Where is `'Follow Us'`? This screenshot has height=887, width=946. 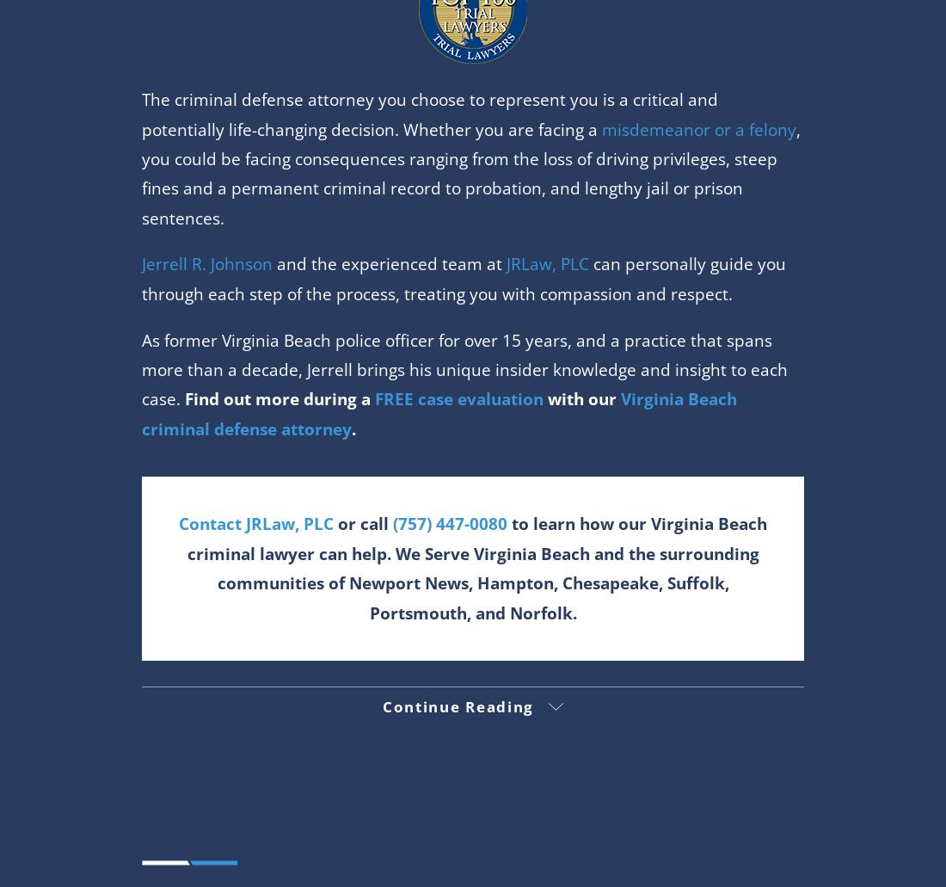 'Follow Us' is located at coordinates (472, 670).